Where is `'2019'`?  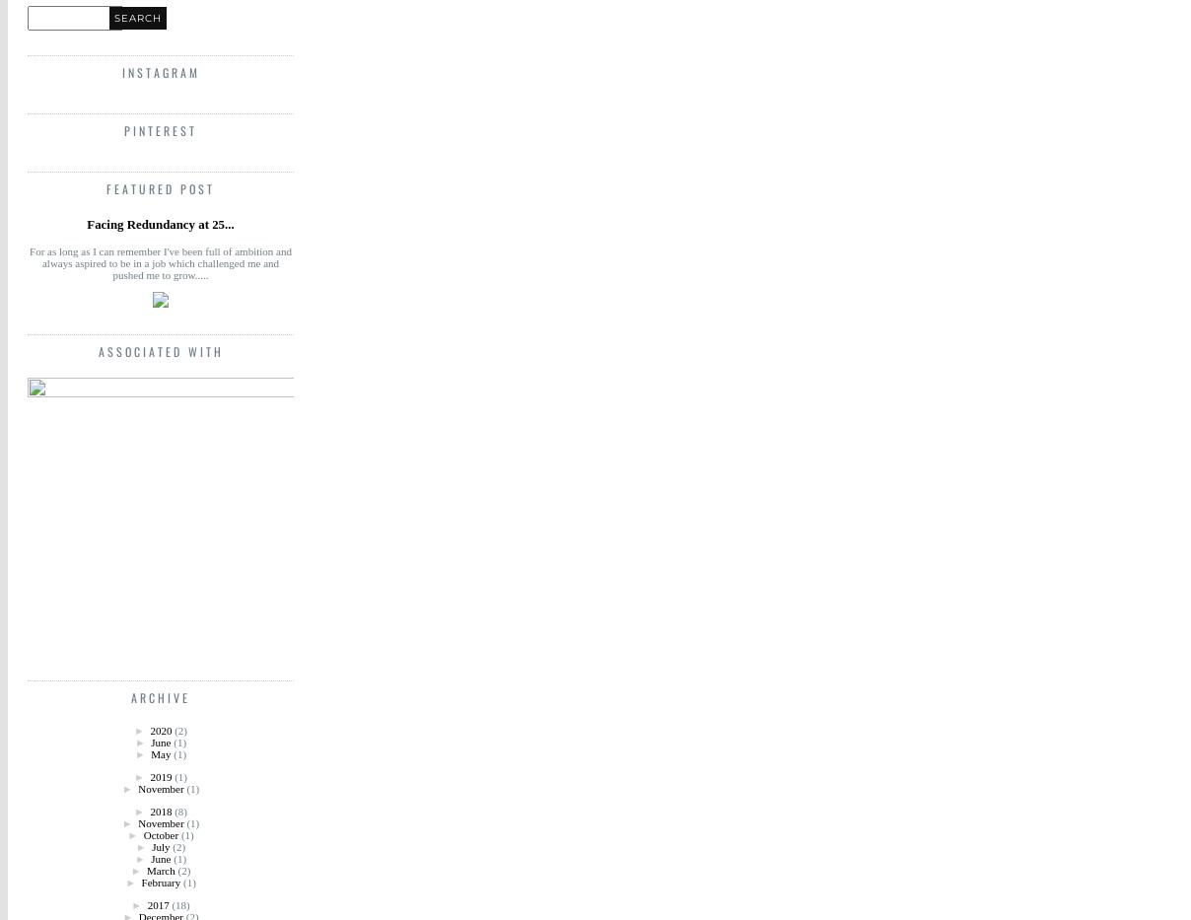
'2019' is located at coordinates (160, 777).